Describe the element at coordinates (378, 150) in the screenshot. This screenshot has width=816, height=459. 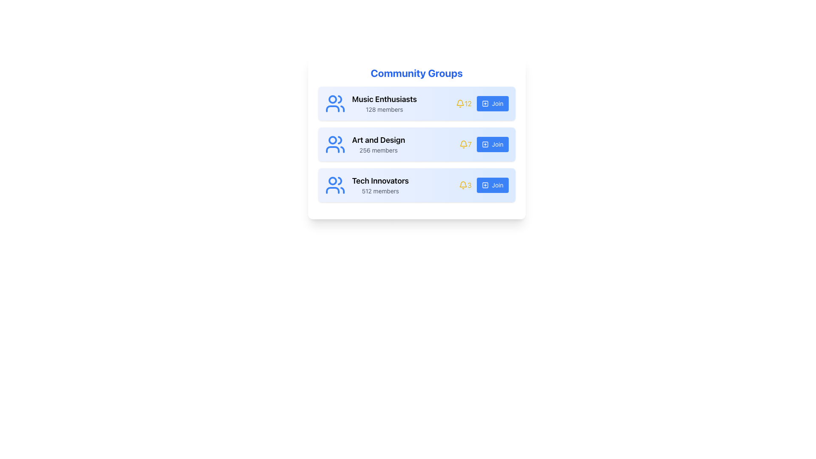
I see `the text label indicating the number of members in the 'Art and Design' community group, located just below the title in the community groups section` at that location.